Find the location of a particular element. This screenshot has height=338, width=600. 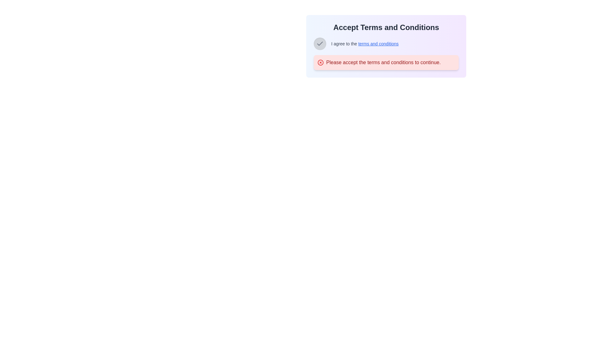

the hyperlink labeled 'terms and conditions' is located at coordinates (378, 43).